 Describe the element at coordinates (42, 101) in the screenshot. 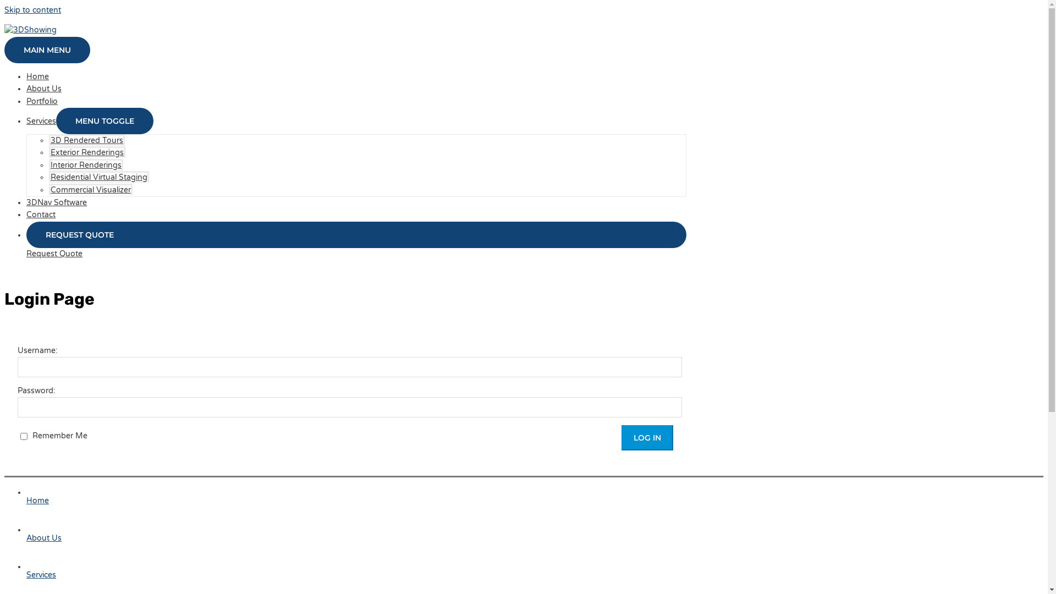

I see `'Portfolio'` at that location.